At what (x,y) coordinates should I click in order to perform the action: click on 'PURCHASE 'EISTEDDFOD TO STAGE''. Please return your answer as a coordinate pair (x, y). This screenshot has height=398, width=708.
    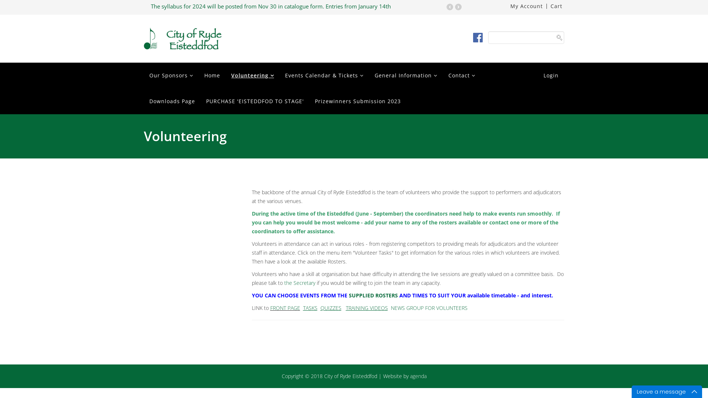
    Looking at the image, I should click on (255, 101).